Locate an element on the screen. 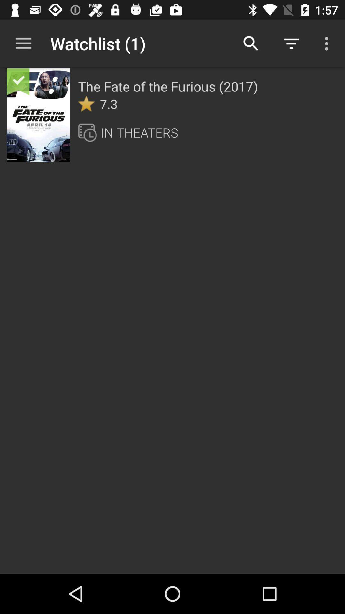 Image resolution: width=345 pixels, height=614 pixels. the icon to the left of the the fate of item is located at coordinates (56, 80).